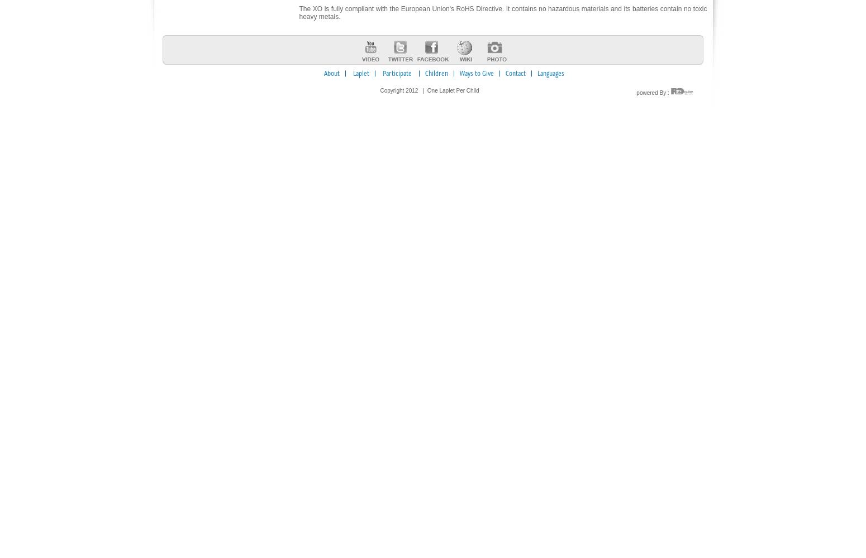 The width and height of the screenshot is (866, 558). What do you see at coordinates (324, 74) in the screenshot?
I see `'About'` at bounding box center [324, 74].